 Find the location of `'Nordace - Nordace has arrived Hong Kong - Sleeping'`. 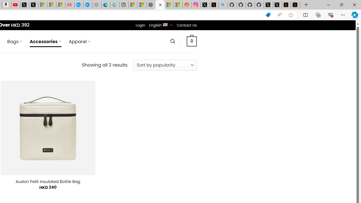

'Nordace - Nordace has arrived Hong Kong - Sleeping' is located at coordinates (97, 5).